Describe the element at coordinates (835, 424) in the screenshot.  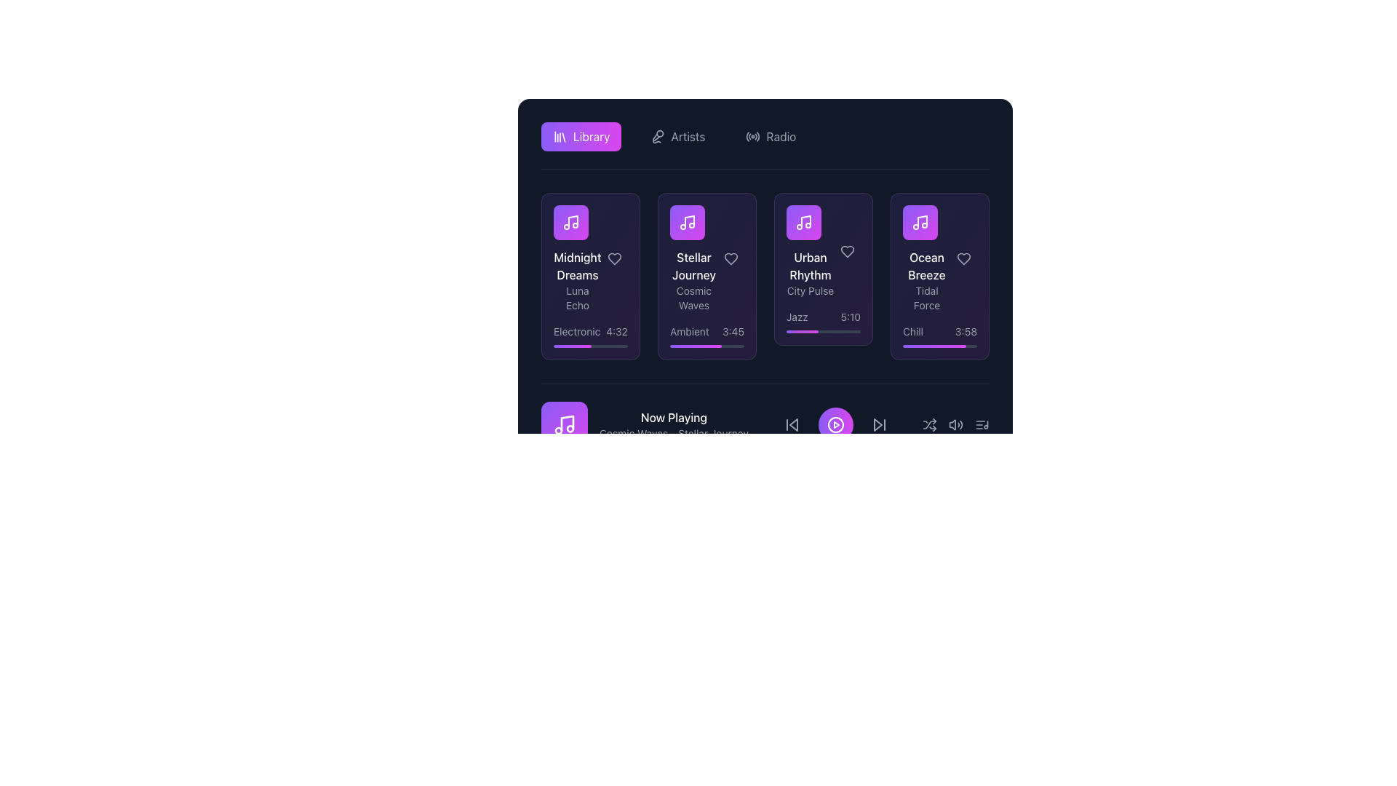
I see `the circular gradient button with a white play icon located at the bottom center of the interface` at that location.